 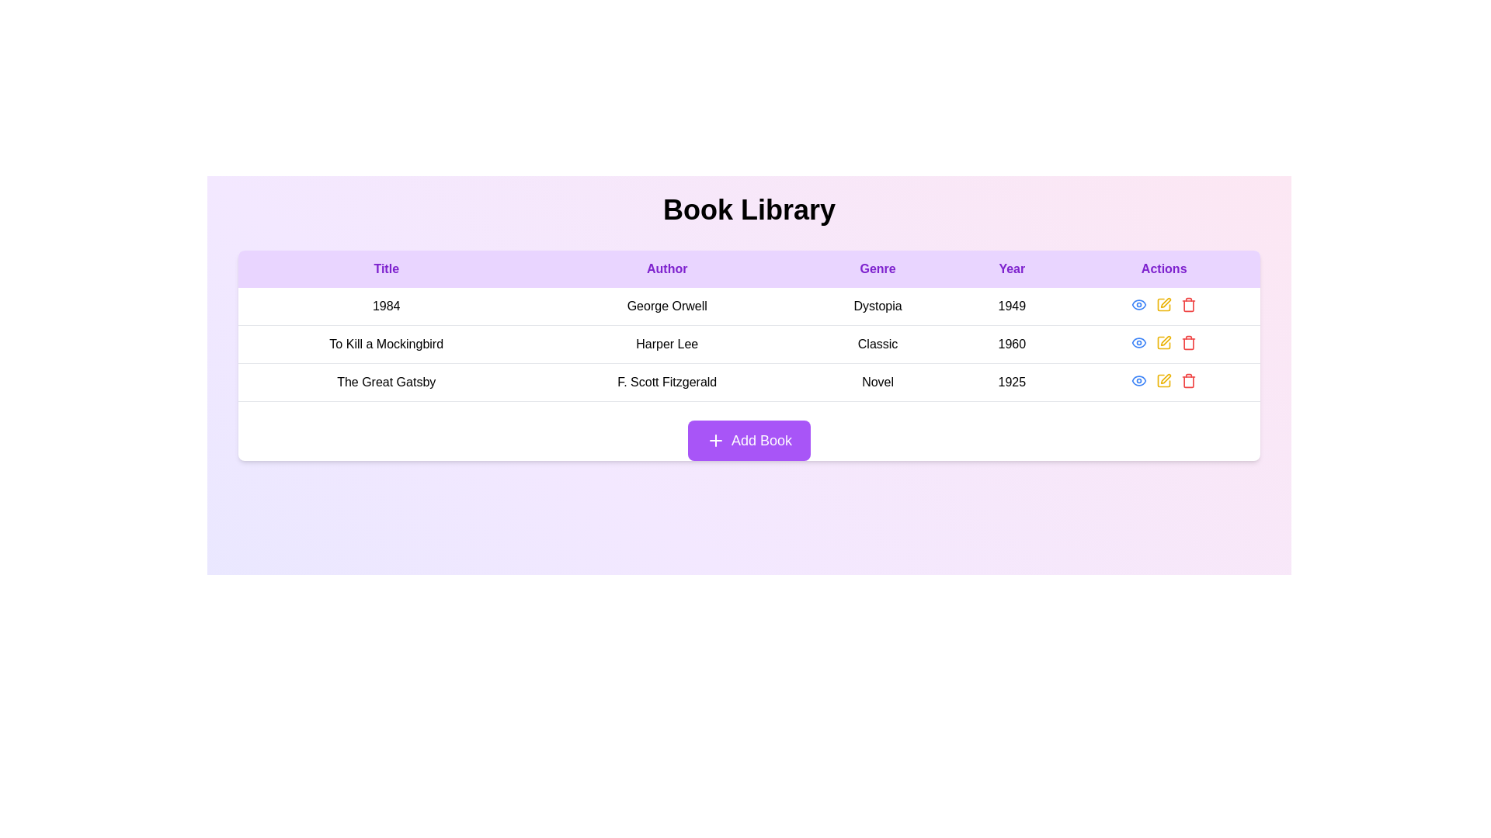 I want to click on the red trash icon in the 'Actions' column, so click(x=1188, y=342).